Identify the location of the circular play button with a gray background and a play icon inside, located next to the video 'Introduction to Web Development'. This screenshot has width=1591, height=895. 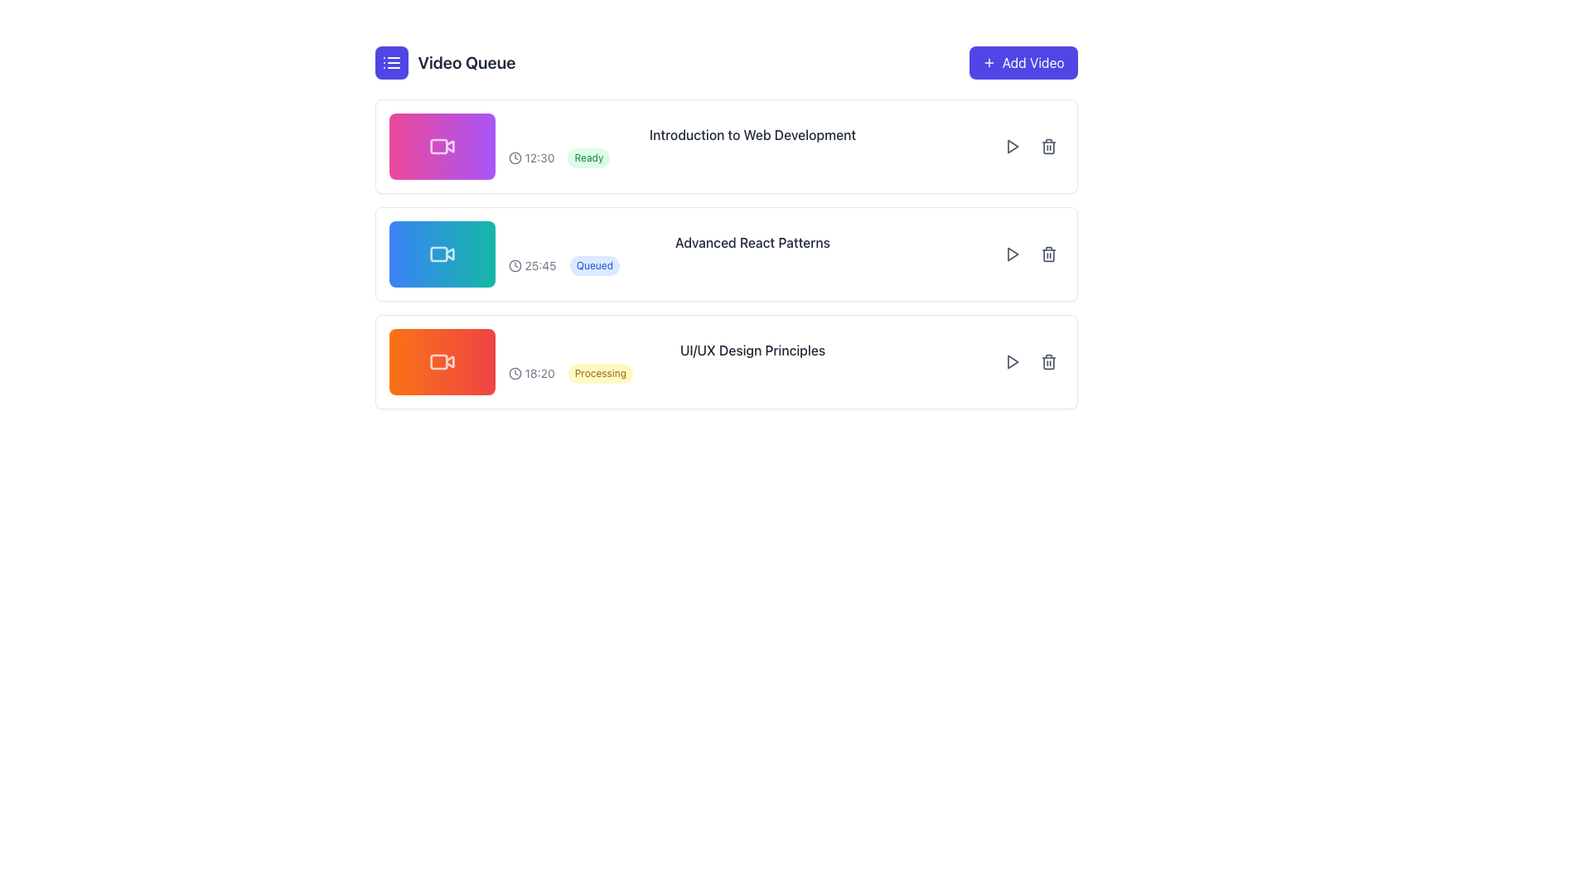
(1011, 146).